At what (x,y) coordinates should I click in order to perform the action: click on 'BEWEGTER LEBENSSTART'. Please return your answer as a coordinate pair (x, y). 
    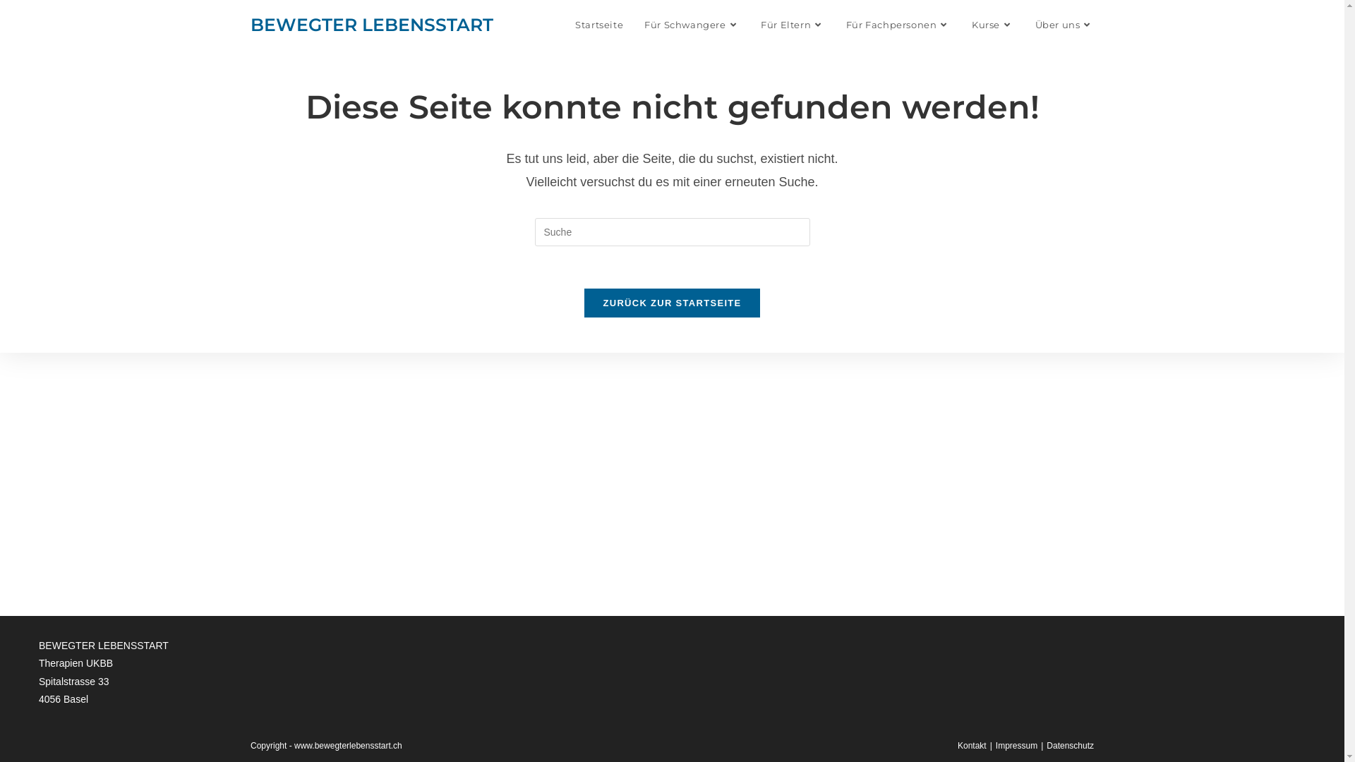
    Looking at the image, I should click on (251, 24).